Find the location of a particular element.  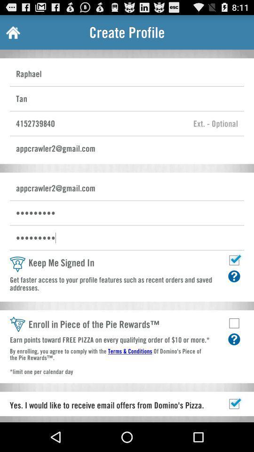

help is located at coordinates (233, 276).